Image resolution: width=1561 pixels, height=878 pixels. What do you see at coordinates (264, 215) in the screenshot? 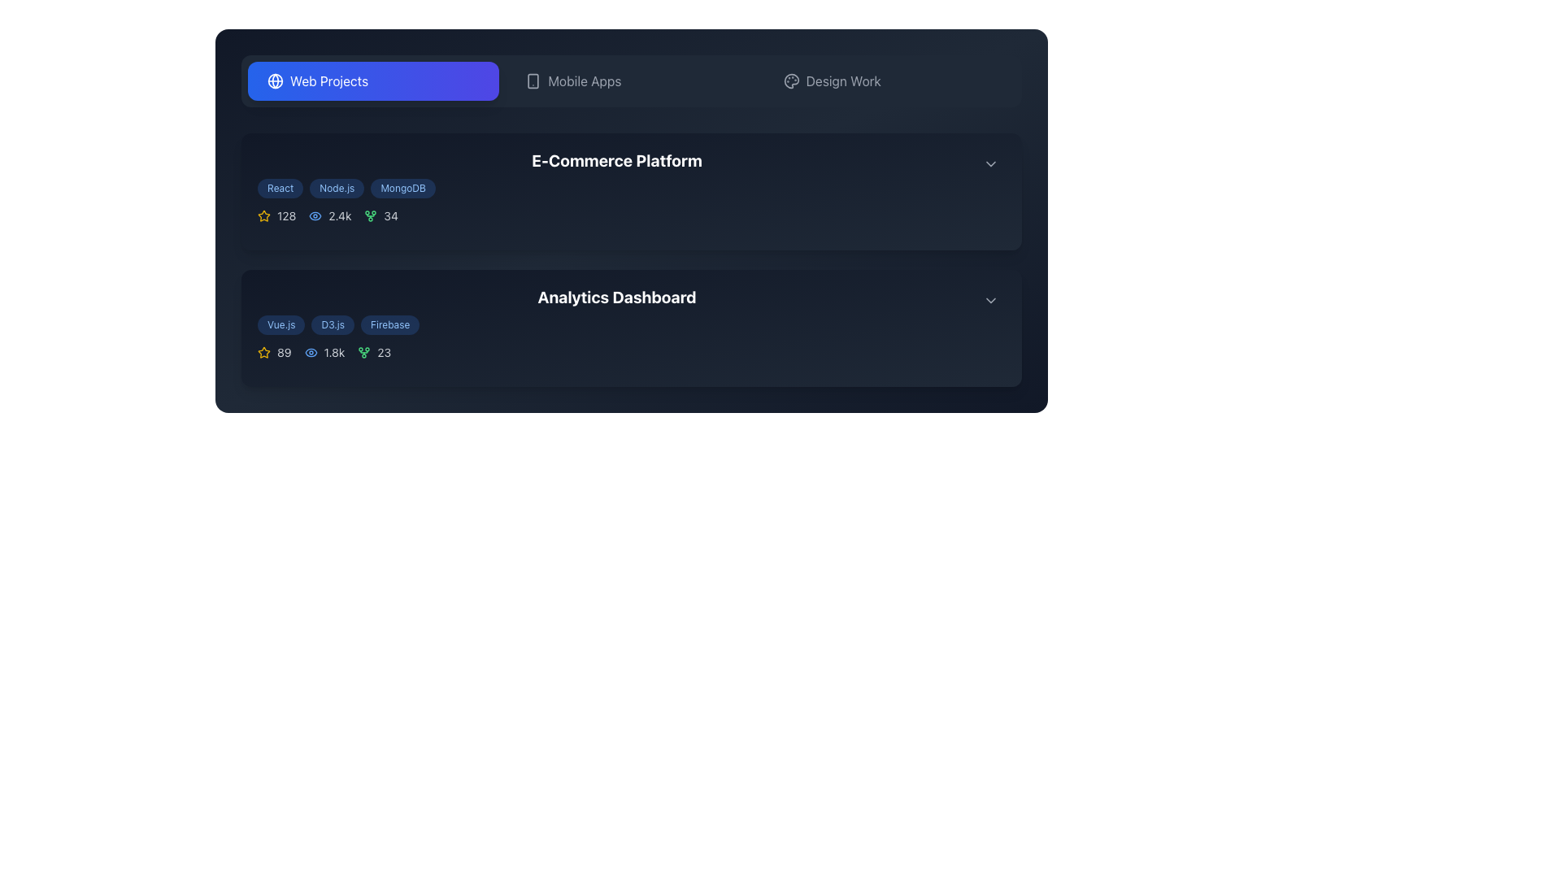
I see `the favorite indicator icon located in the 'Analytics Dashboard' section, which is the first visual icon in the row of statistics` at bounding box center [264, 215].